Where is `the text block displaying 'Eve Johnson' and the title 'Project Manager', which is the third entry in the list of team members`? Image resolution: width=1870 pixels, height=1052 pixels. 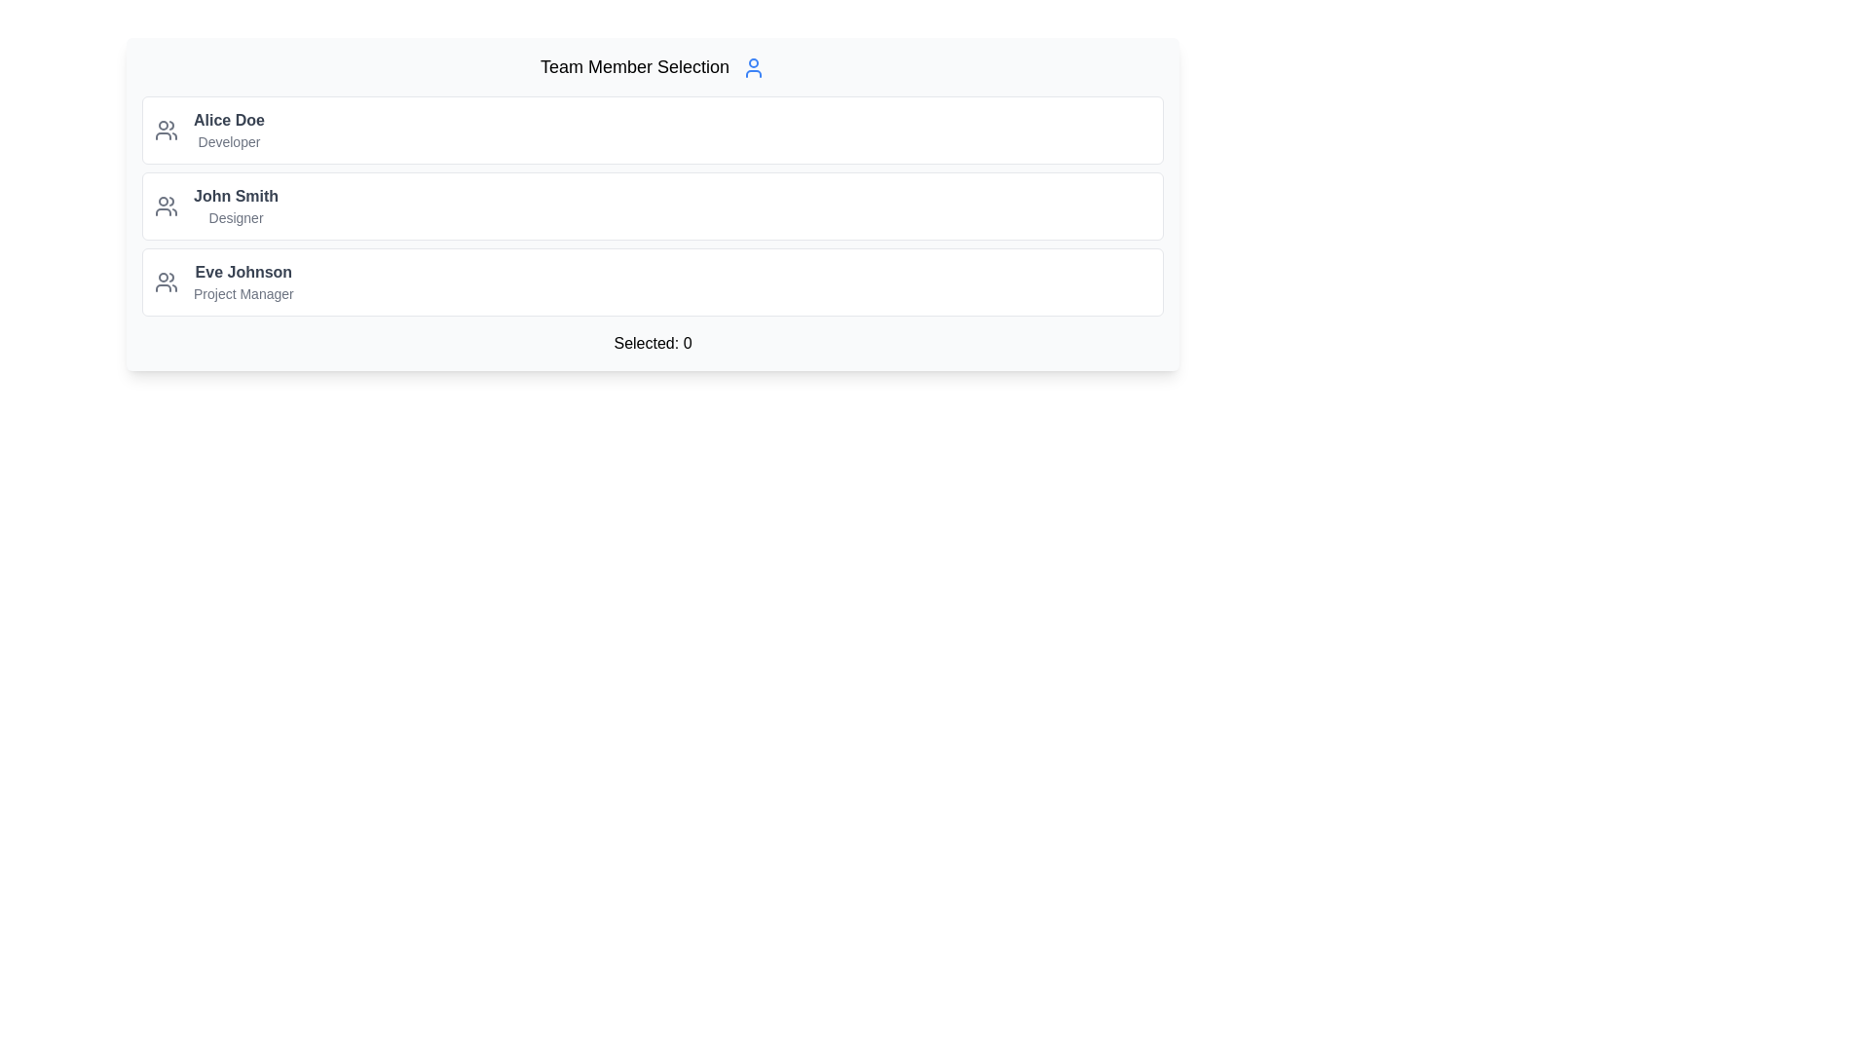 the text block displaying 'Eve Johnson' and the title 'Project Manager', which is the third entry in the list of team members is located at coordinates (243, 282).